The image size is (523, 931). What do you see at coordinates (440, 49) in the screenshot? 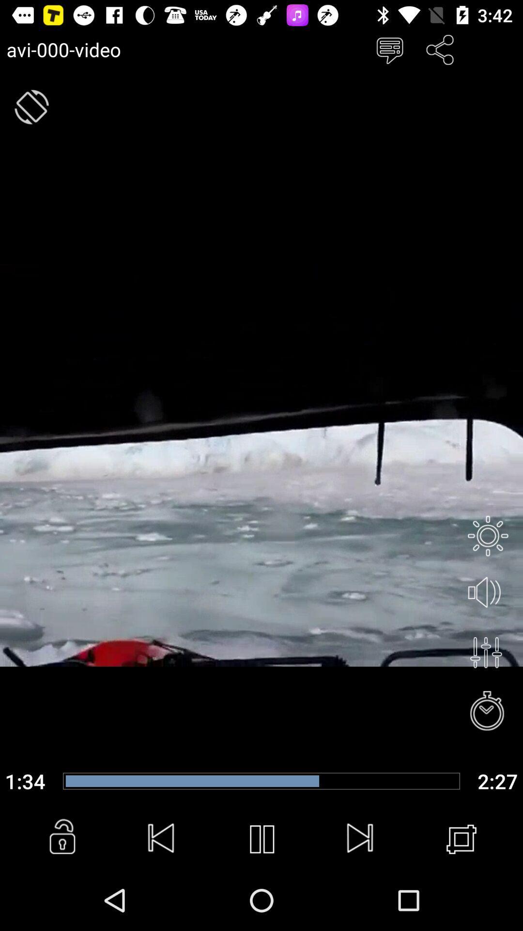
I see `share video` at bounding box center [440, 49].